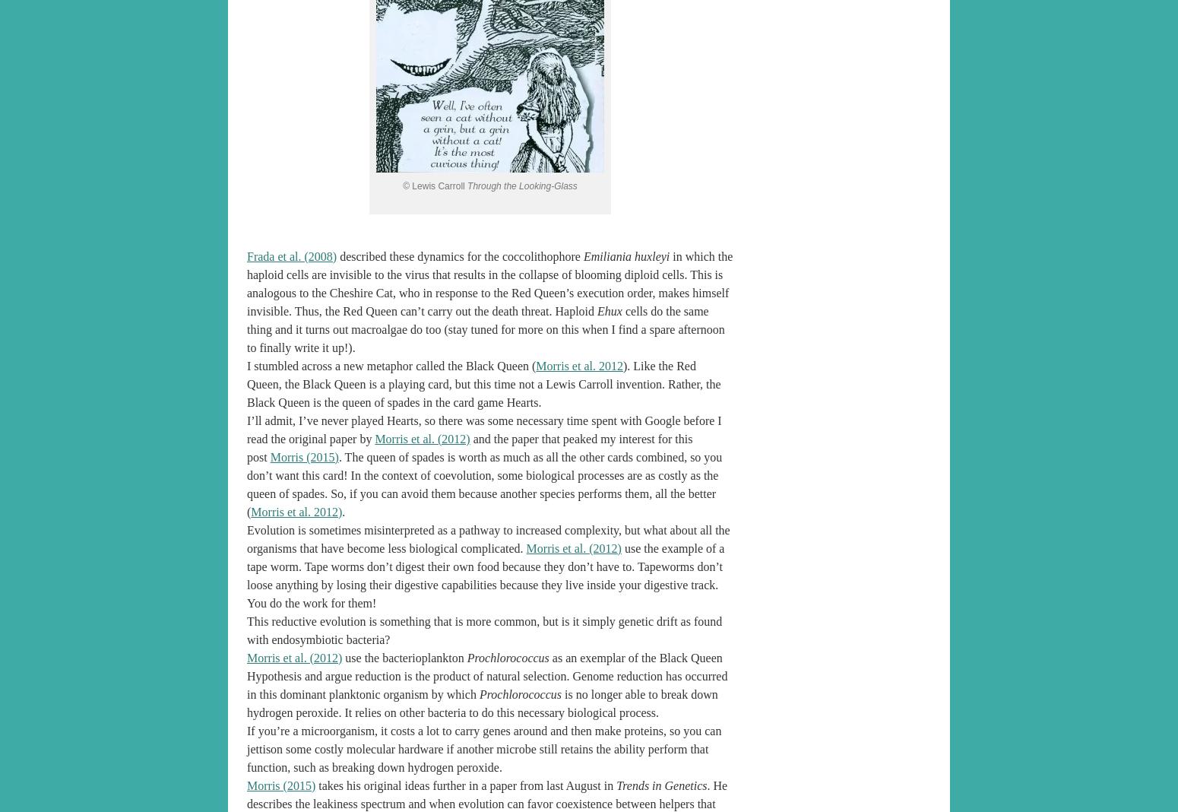 The height and width of the screenshot is (812, 1178). Describe the element at coordinates (487, 538) in the screenshot. I see `'Evolution is sometimes misinterpreted as a pathway to increased complexity, but what about all the organisms that have become less biological complicated.'` at that location.